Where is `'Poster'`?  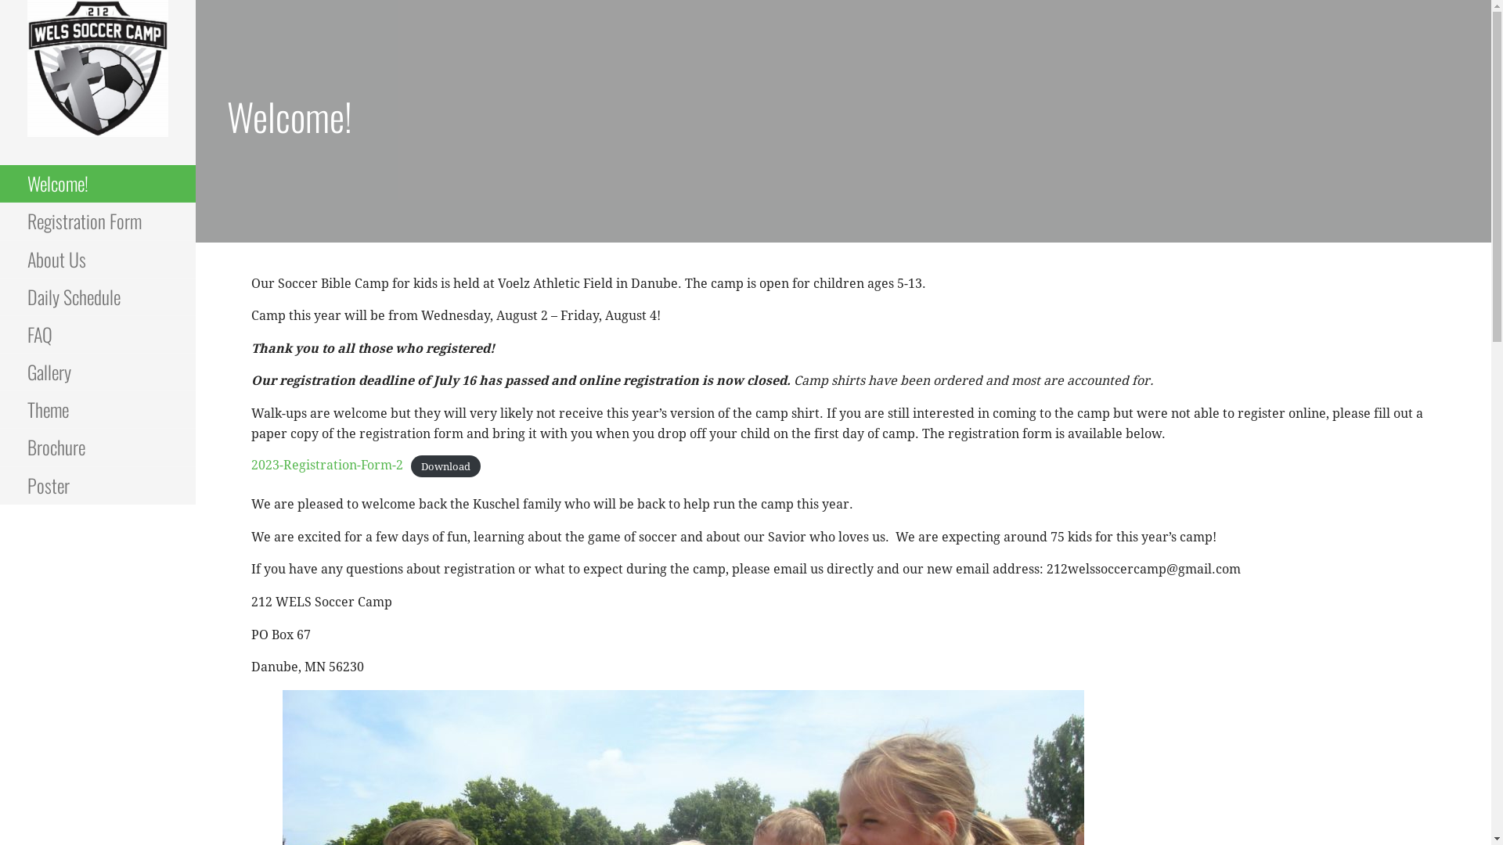 'Poster' is located at coordinates (96, 485).